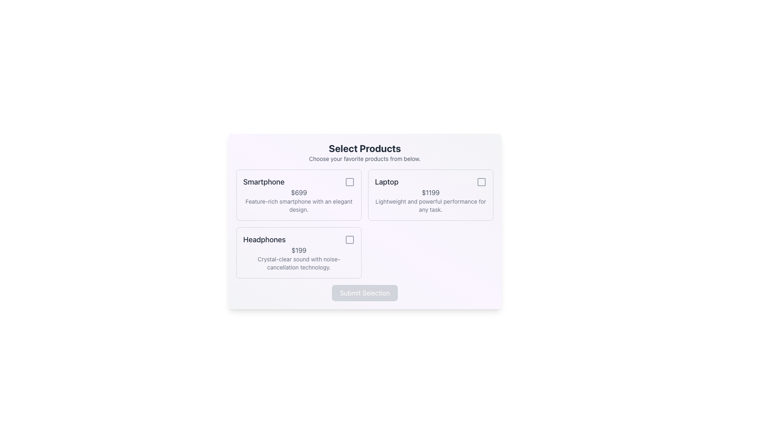 This screenshot has height=439, width=781. Describe the element at coordinates (349, 239) in the screenshot. I see `the checkbox located in the right section of the 'Headphones' product listing row, immediately following the text '$199'` at that location.